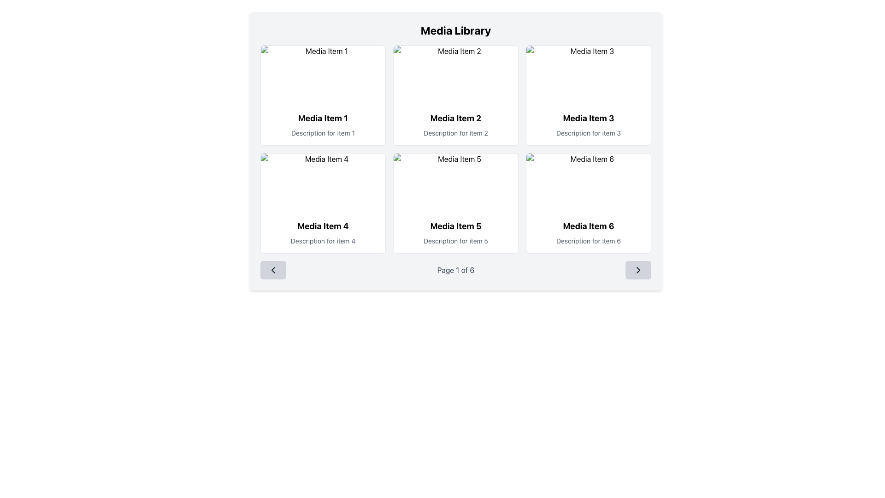  What do you see at coordinates (588, 226) in the screenshot?
I see `the Text Label displaying 'Media Item 6' which is located at the top of the last media item card in the third column of a grid layout` at bounding box center [588, 226].